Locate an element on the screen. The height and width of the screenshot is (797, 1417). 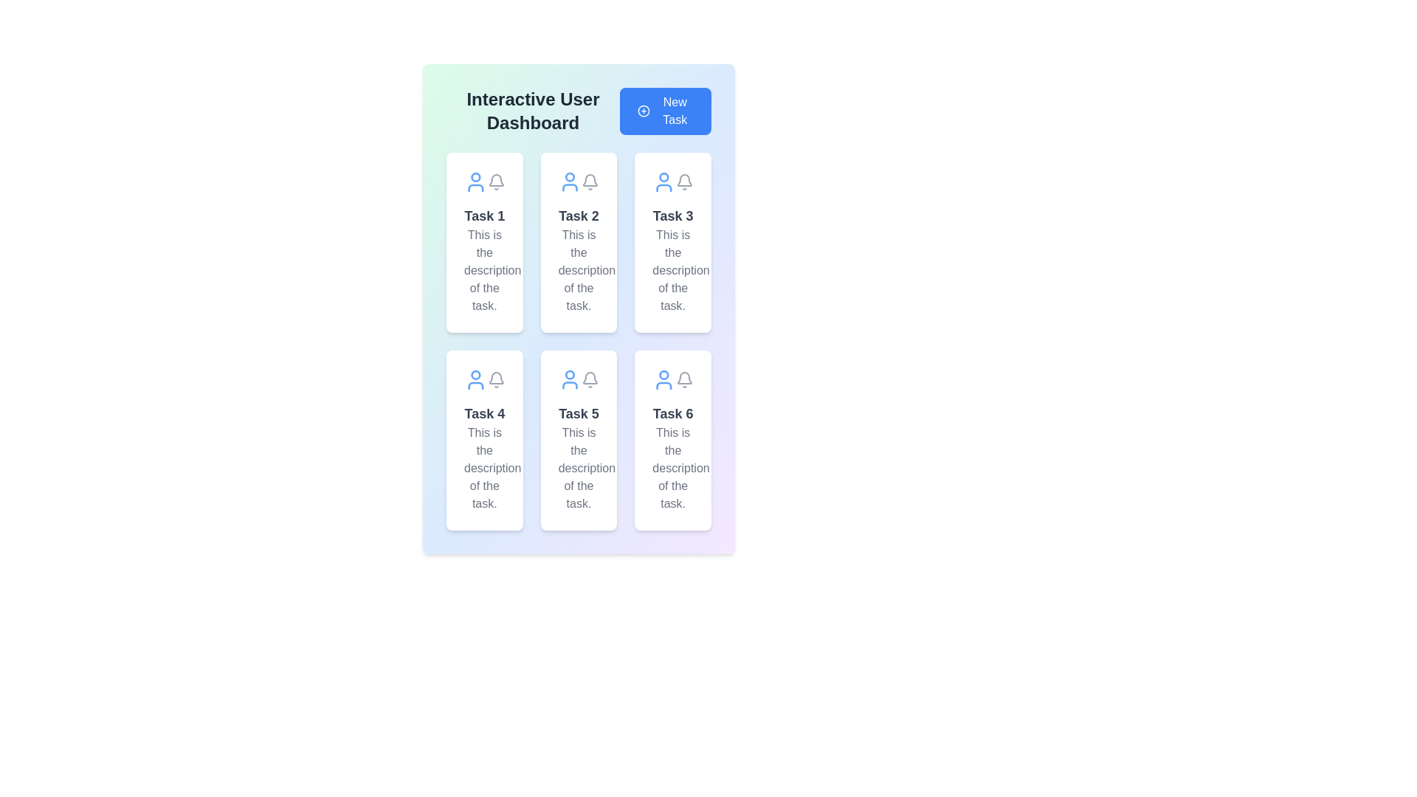
the SVG Circle that visually represents the user's profile or avatar within the Task 4 card, located at the center of the user icon above the task title is located at coordinates (475, 374).